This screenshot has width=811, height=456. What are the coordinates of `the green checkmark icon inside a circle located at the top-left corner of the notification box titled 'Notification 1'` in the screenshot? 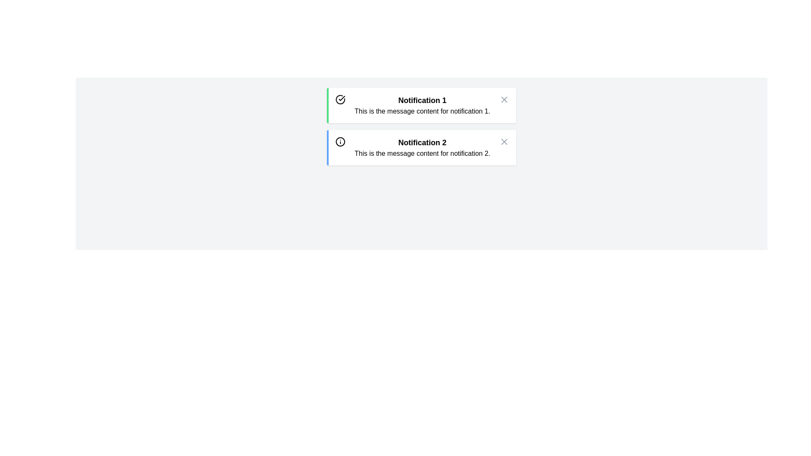 It's located at (340, 99).